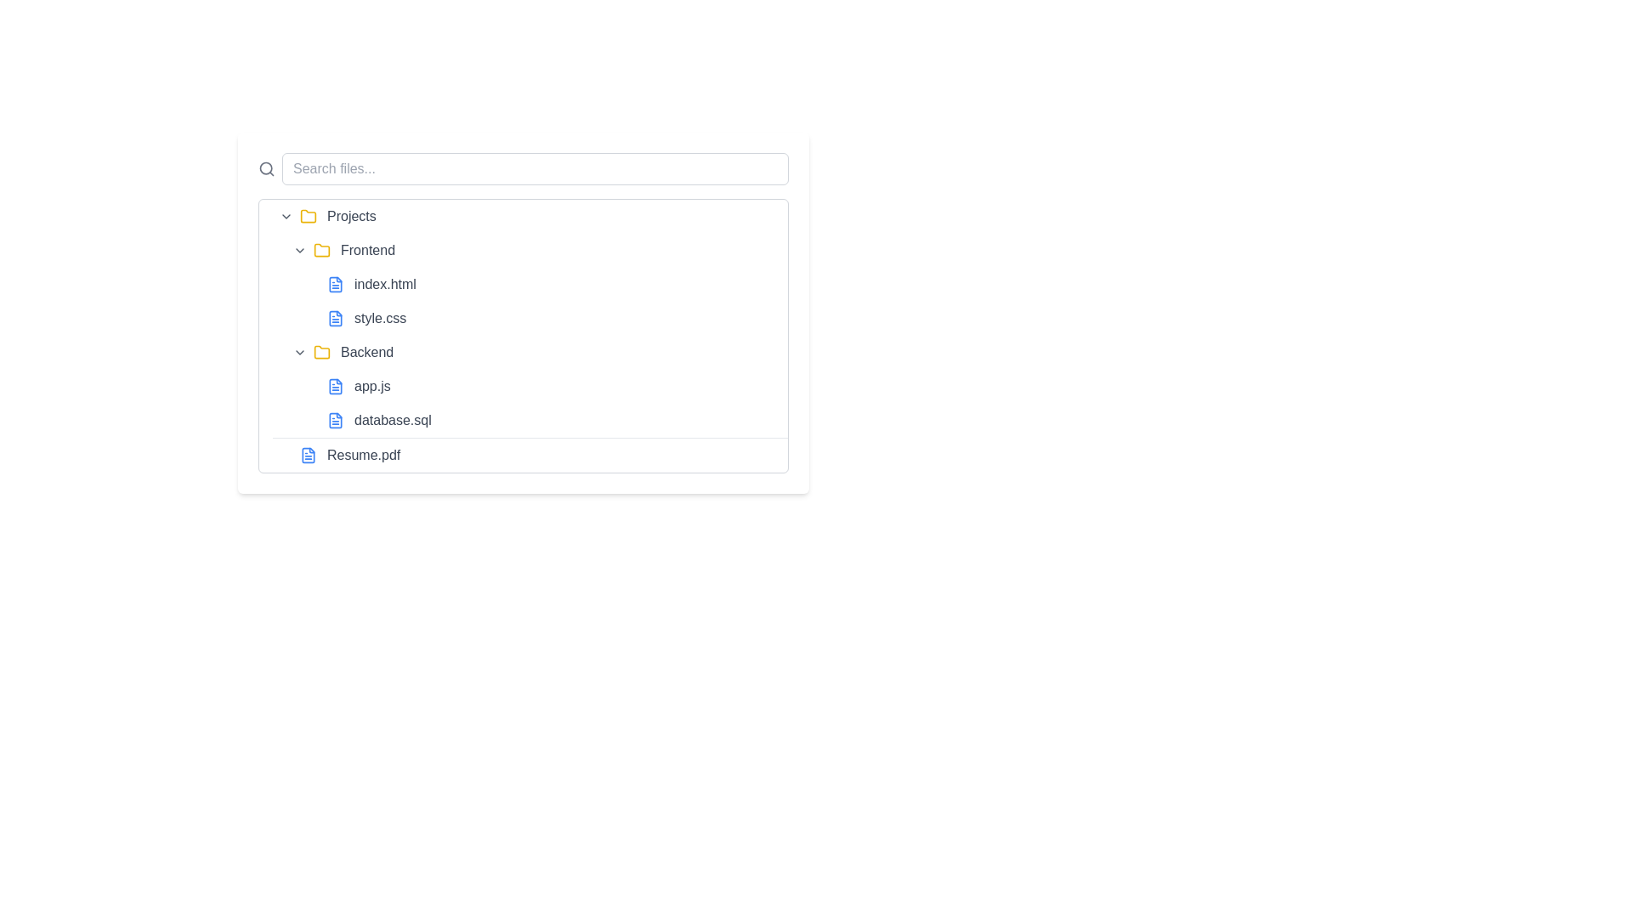  I want to click on the icon that visually indicates the type of file associated with the 'database.sql' label, positioned within the horizontal row representing the file item, so click(335, 420).